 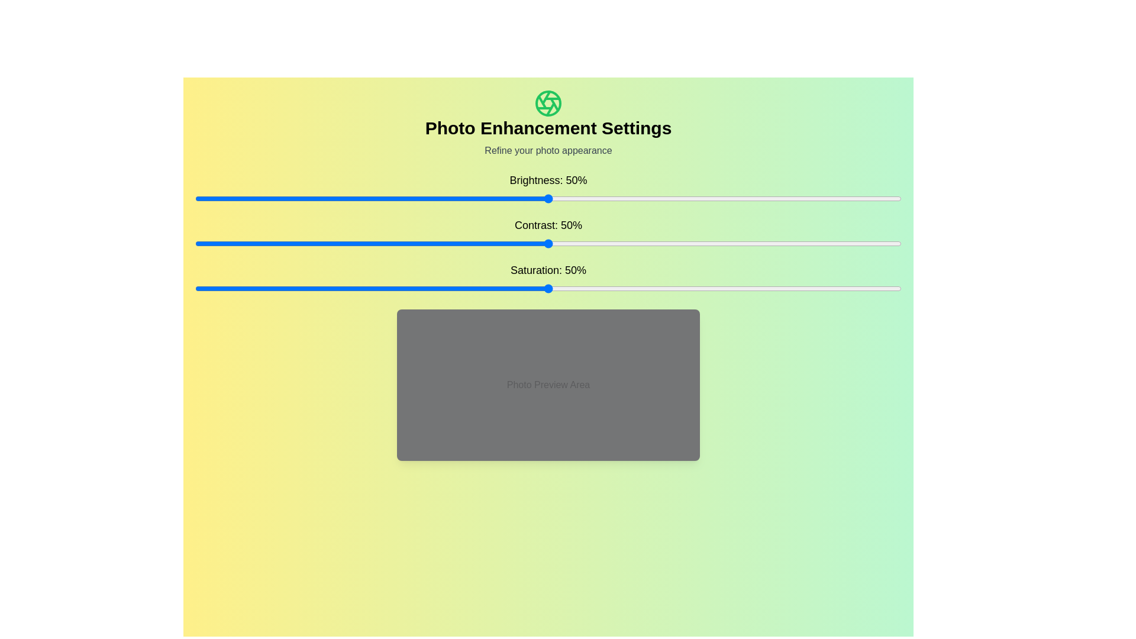 I want to click on the contrast slider to set the contrast to 55%, so click(x=583, y=243).